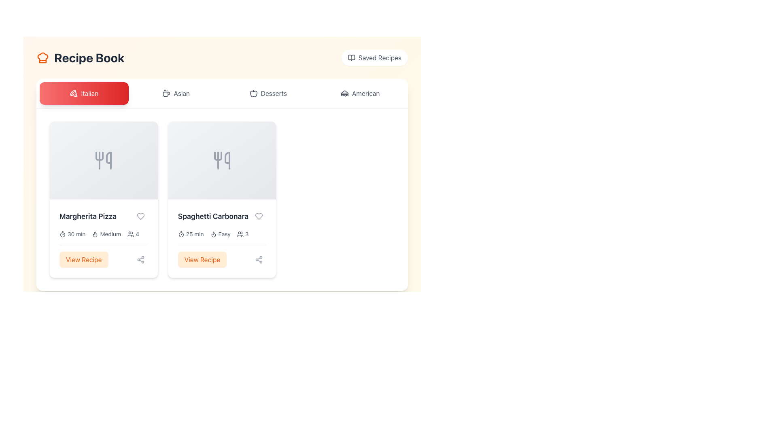  Describe the element at coordinates (42, 57) in the screenshot. I see `the cooking or recipe icon located to the left of the 'Recipe Book' title in the top-left section of the interface` at that location.